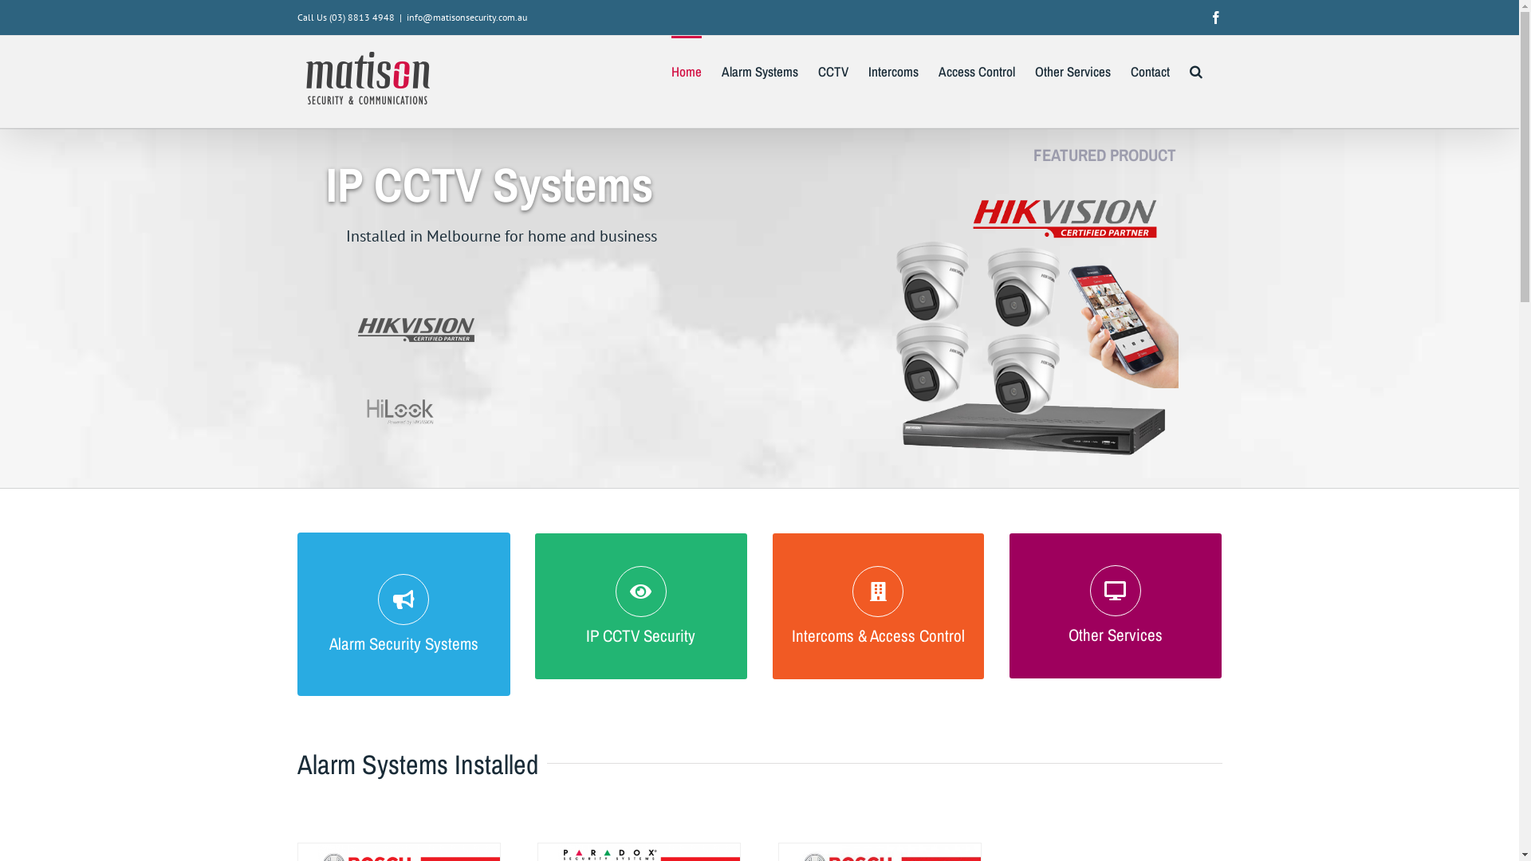 This screenshot has height=861, width=1531. I want to click on 'CCTV', so click(818, 69).